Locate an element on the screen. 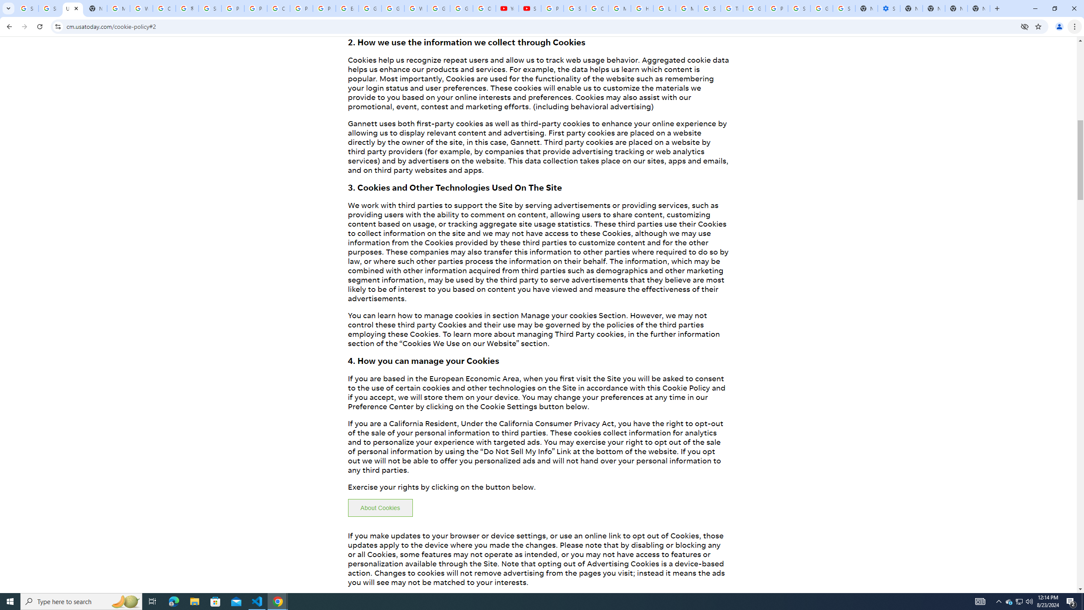  'Welcome to My Activity' is located at coordinates (416, 8).